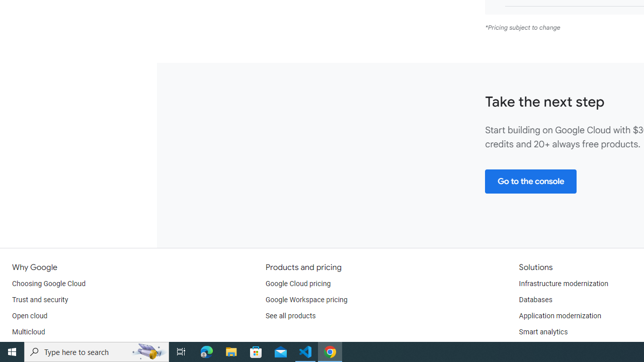 The image size is (644, 362). Describe the element at coordinates (30, 315) in the screenshot. I see `'Open cloud'` at that location.